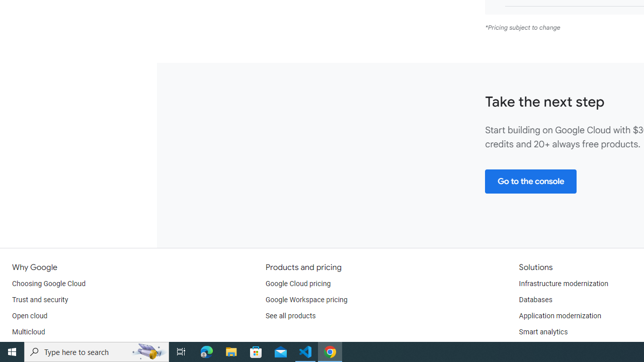 The image size is (644, 362). Describe the element at coordinates (30, 315) in the screenshot. I see `'Open cloud'` at that location.